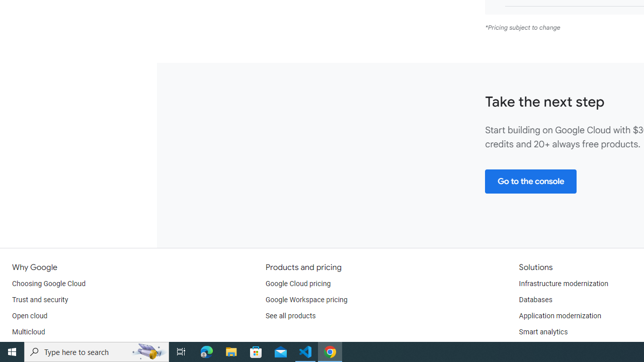 The image size is (644, 362). Describe the element at coordinates (30, 315) in the screenshot. I see `'Open cloud'` at that location.